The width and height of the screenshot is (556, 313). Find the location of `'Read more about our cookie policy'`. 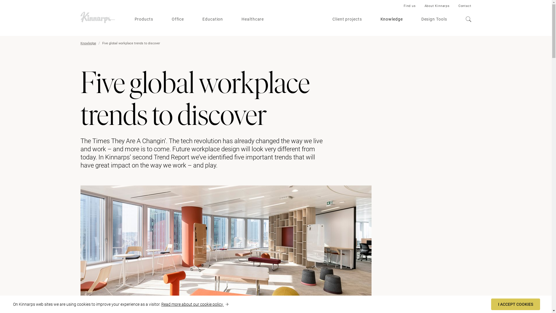

'Read more about our cookie policy' is located at coordinates (195, 304).